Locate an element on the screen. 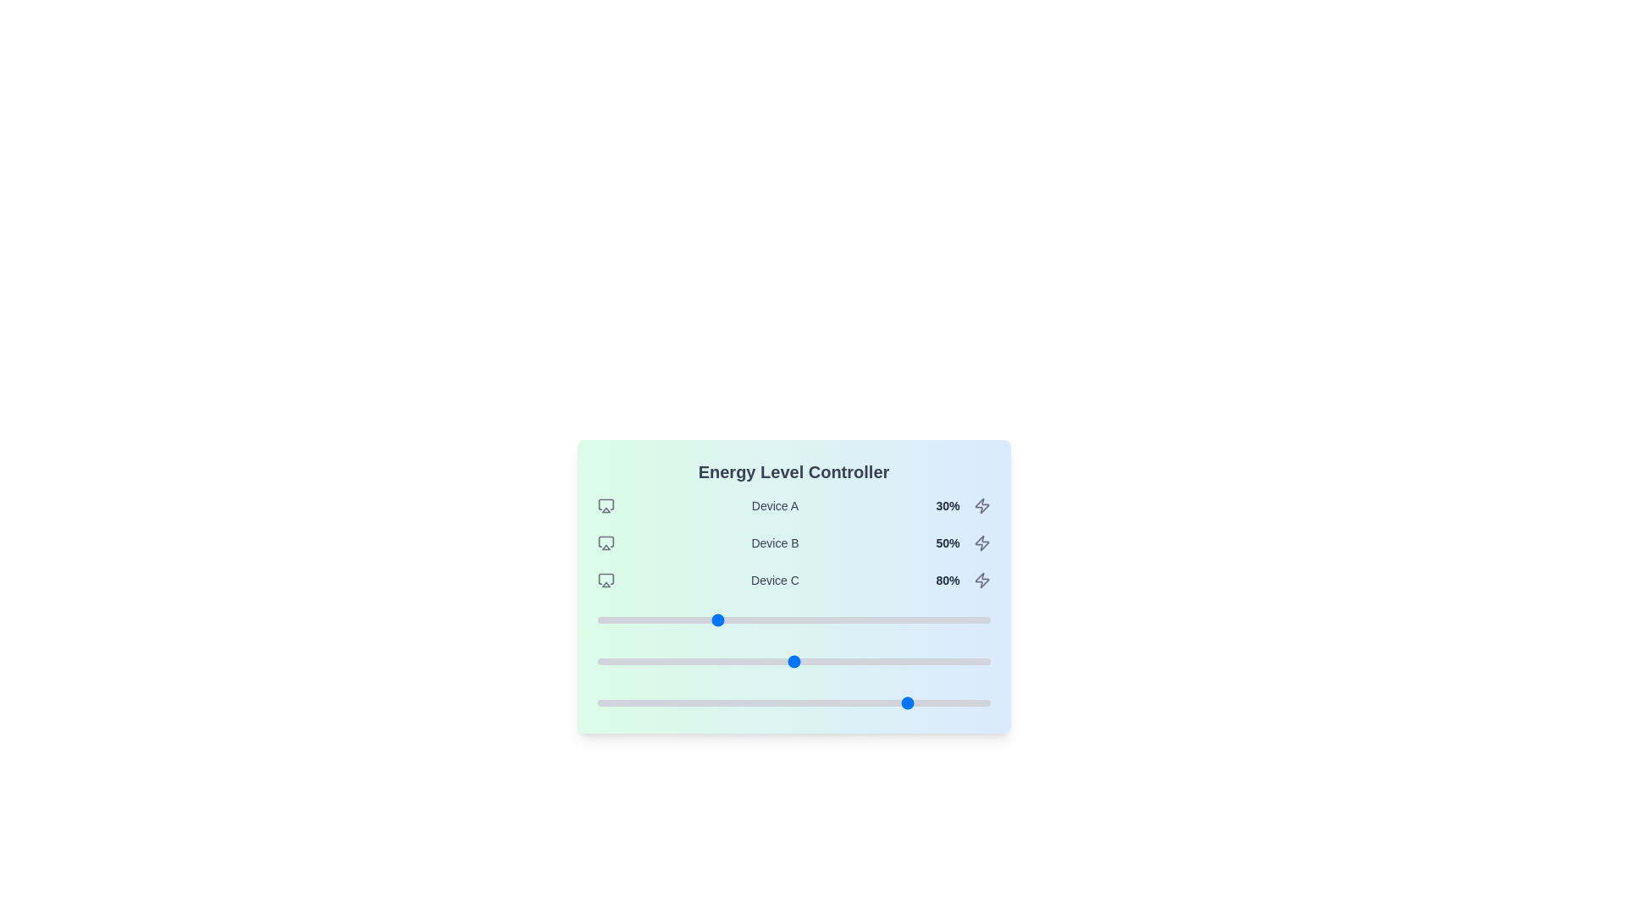  the slider for Device B to set its energy level to 30% is located at coordinates (715, 661).